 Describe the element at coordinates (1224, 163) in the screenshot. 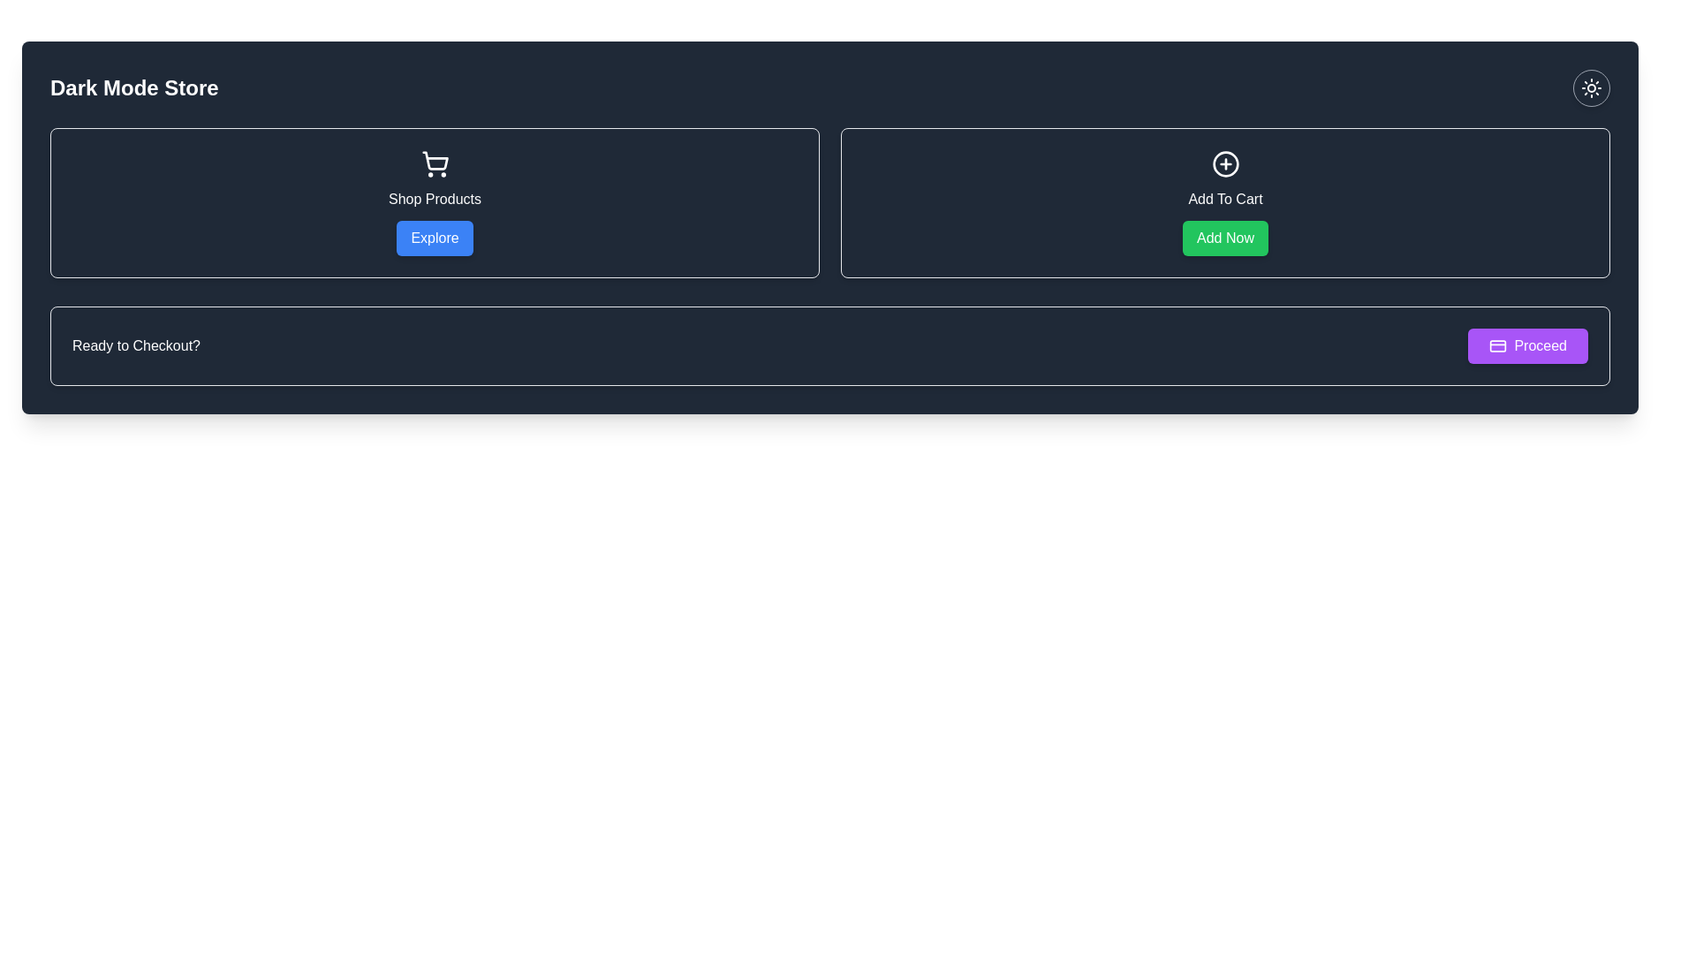

I see `the add item icon located at the top-middle of the dark rectangular panel containing the 'Add To Cart' label and the 'Add Now' button` at that location.